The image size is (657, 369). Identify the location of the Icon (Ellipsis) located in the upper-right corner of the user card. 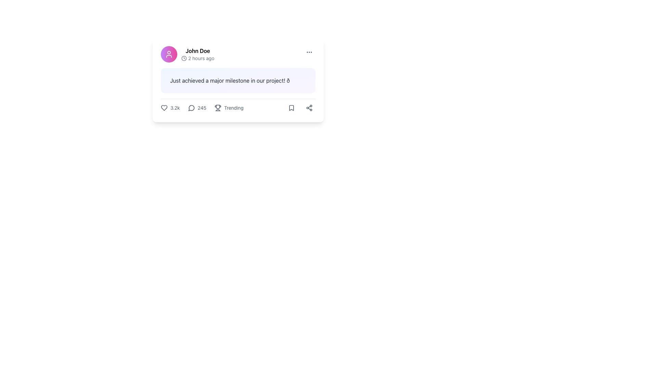
(309, 52).